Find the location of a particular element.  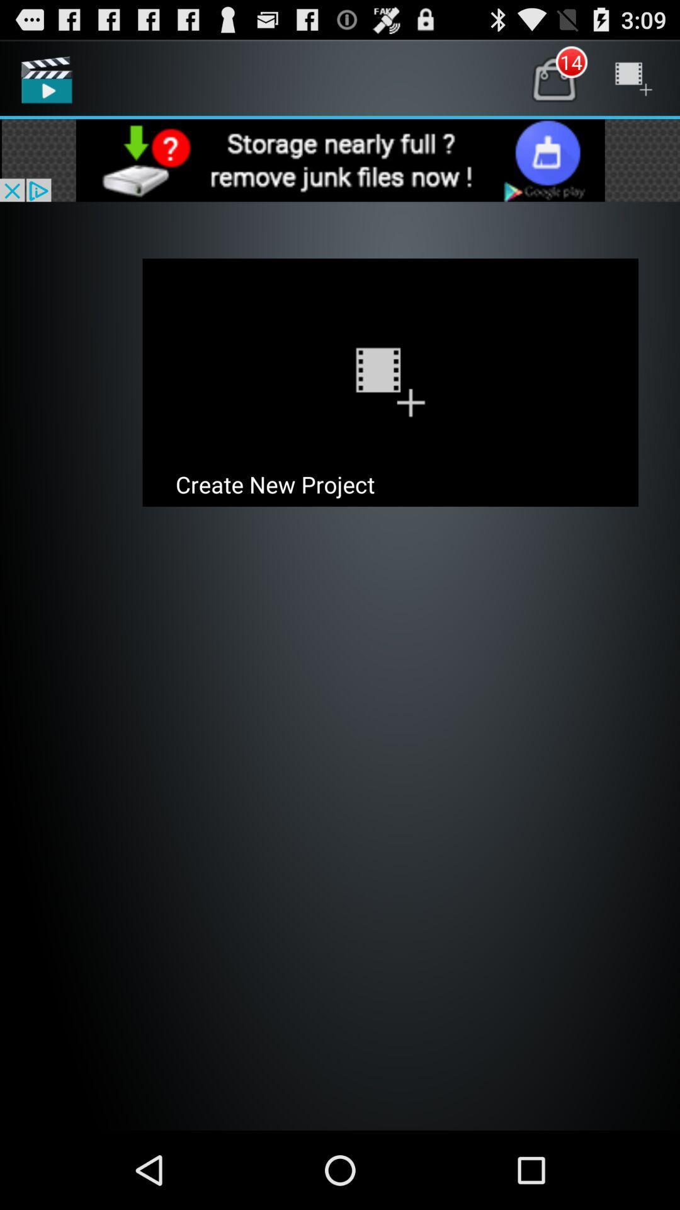

advertisements are displayed is located at coordinates (340, 159).